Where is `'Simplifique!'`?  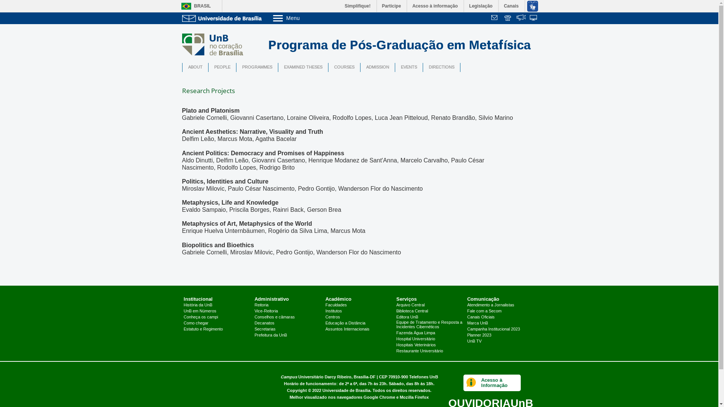
'Simplifique!' is located at coordinates (339, 6).